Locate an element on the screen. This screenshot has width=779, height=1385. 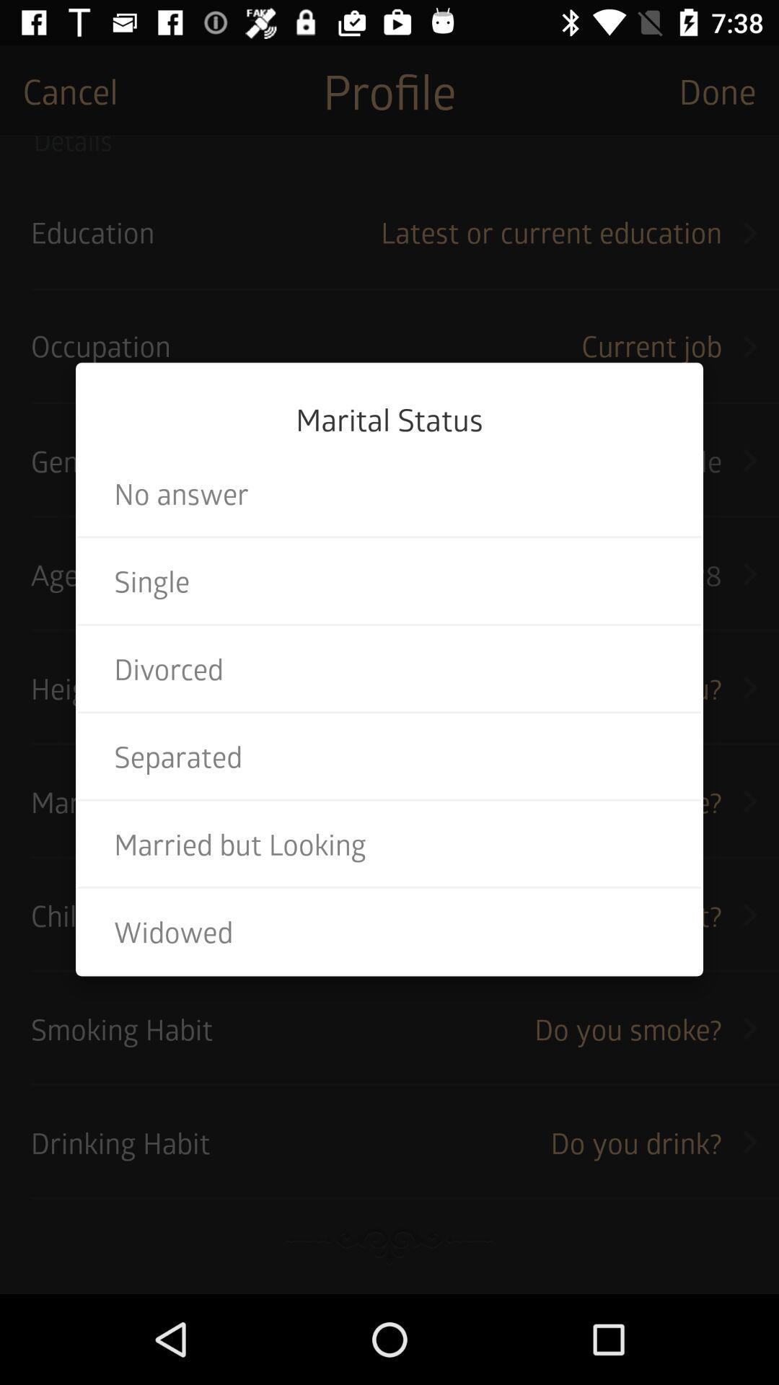
icon below the no answer icon is located at coordinates (389, 581).